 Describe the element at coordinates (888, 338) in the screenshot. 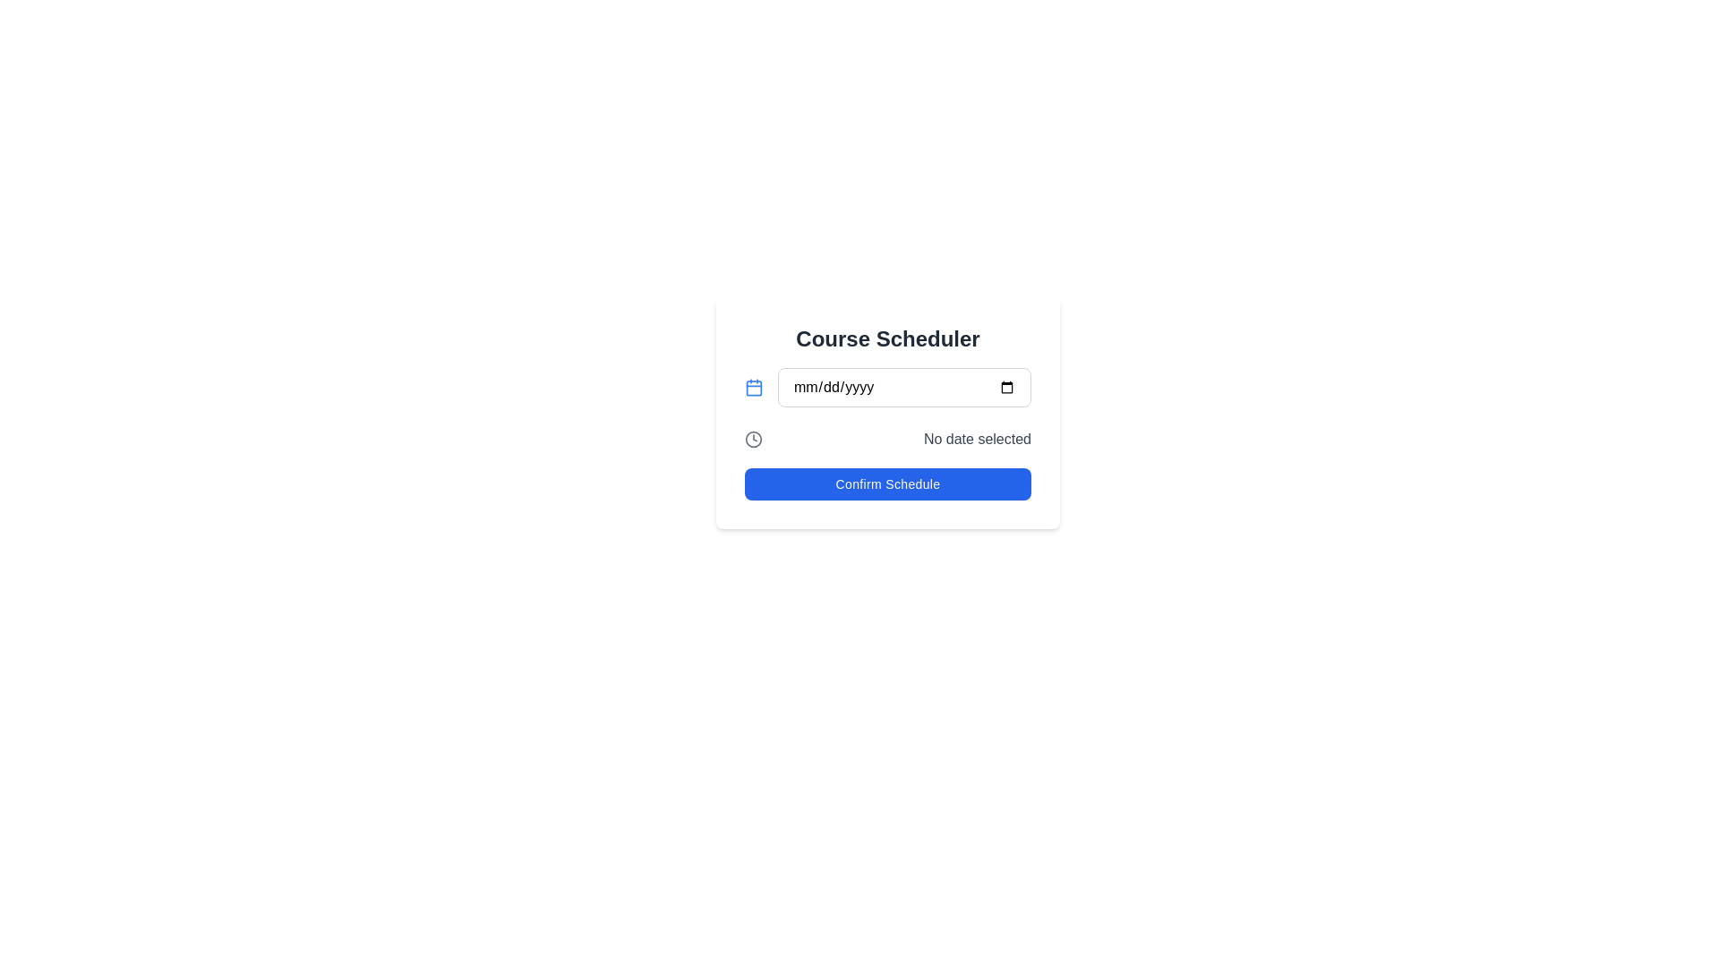

I see `the text label displaying 'Course Scheduler', which is styled in bold and slightly larger font, positioned at the top of the content section` at that location.